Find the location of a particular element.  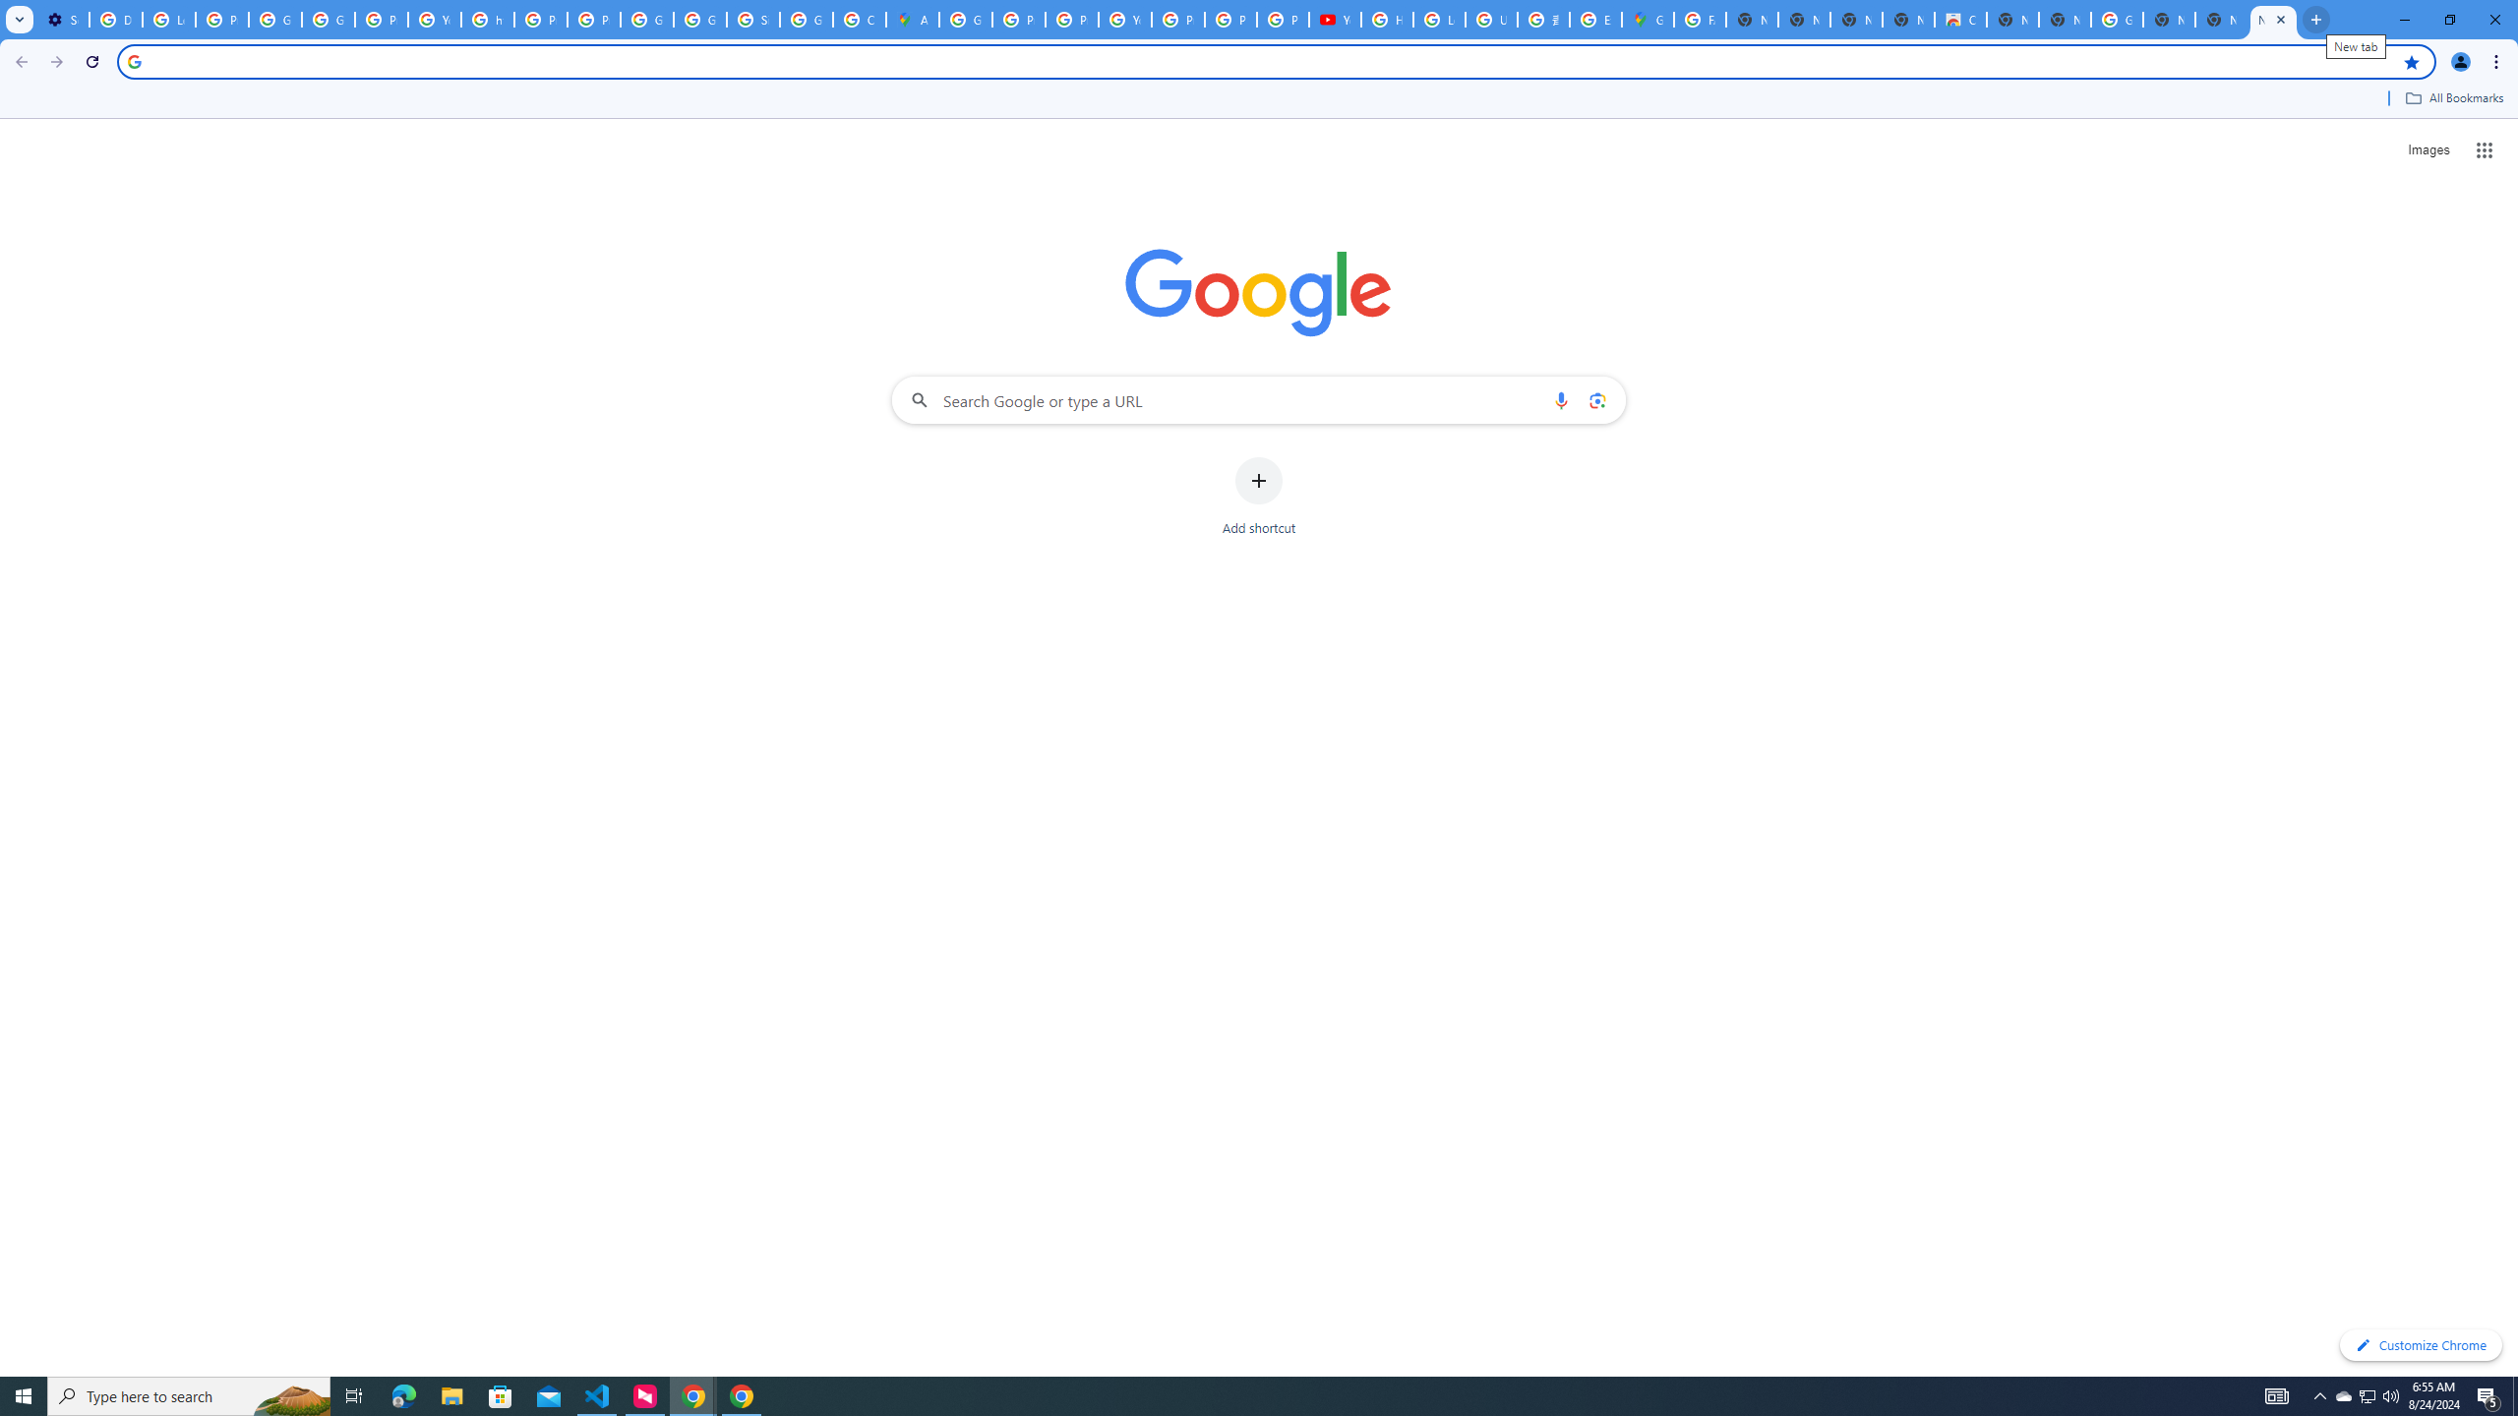

'Search by image' is located at coordinates (1595, 398).